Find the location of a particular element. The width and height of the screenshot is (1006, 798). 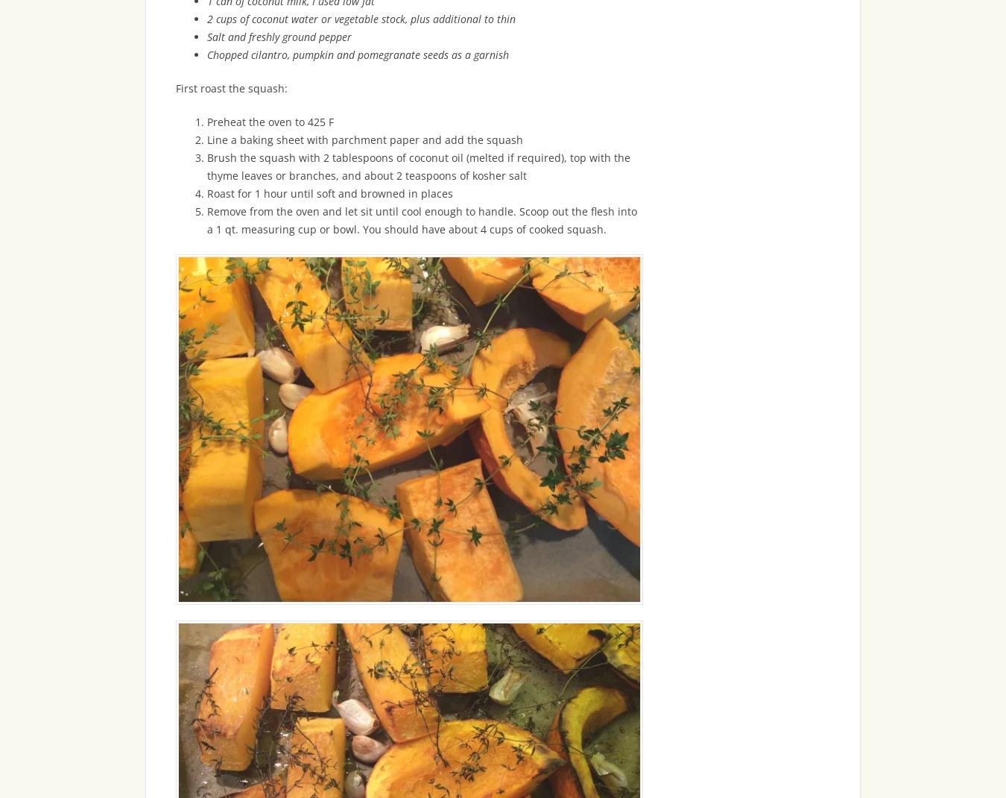

'Preheat the oven to 425 F' is located at coordinates (206, 121).